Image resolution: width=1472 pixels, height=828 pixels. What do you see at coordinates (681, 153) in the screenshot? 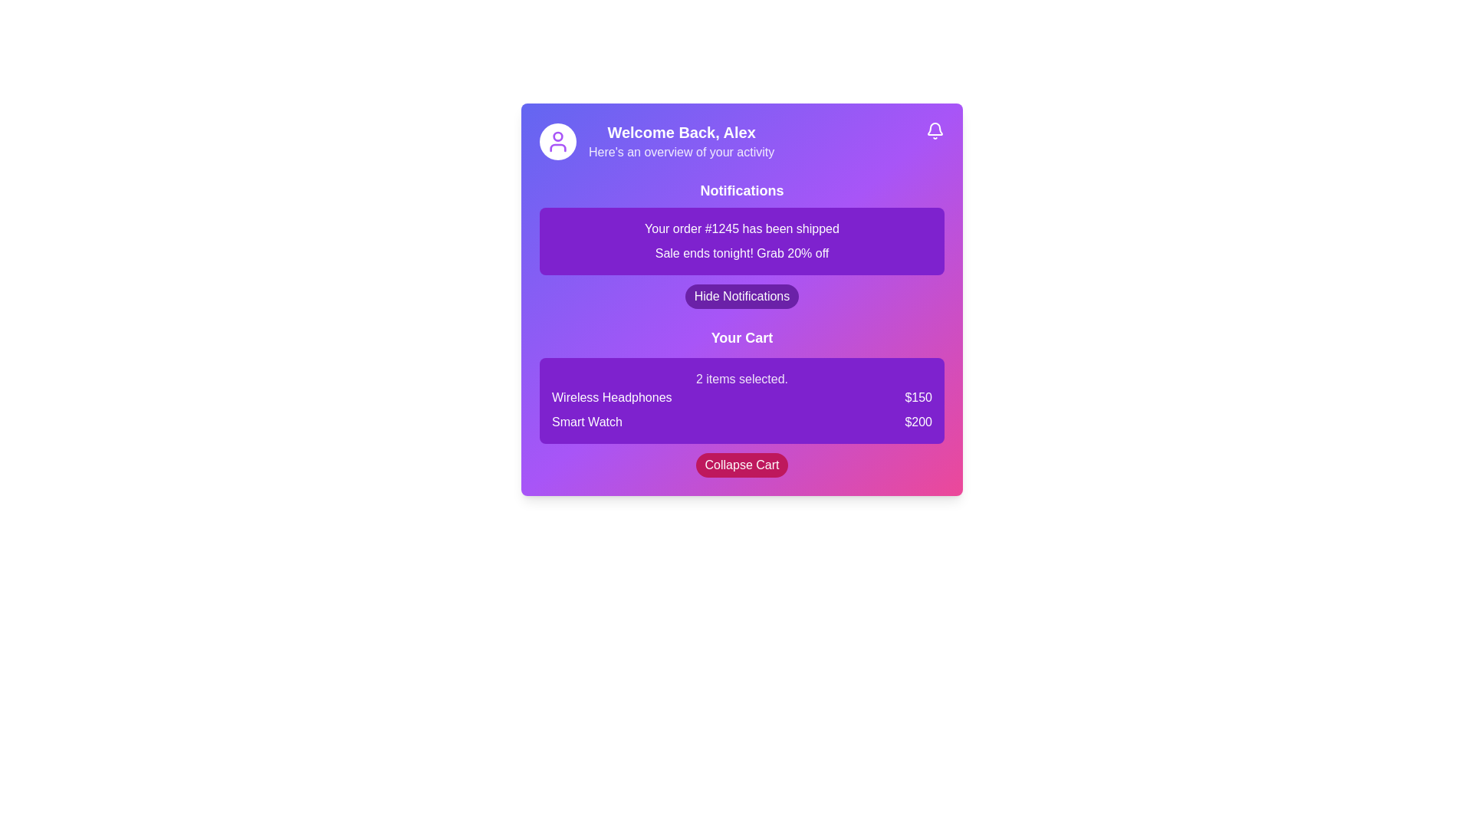
I see `the static text label located immediately below the greeting text 'Welcome Back, Alex', which serves as an informational subtitle related to the user's activity summary` at bounding box center [681, 153].